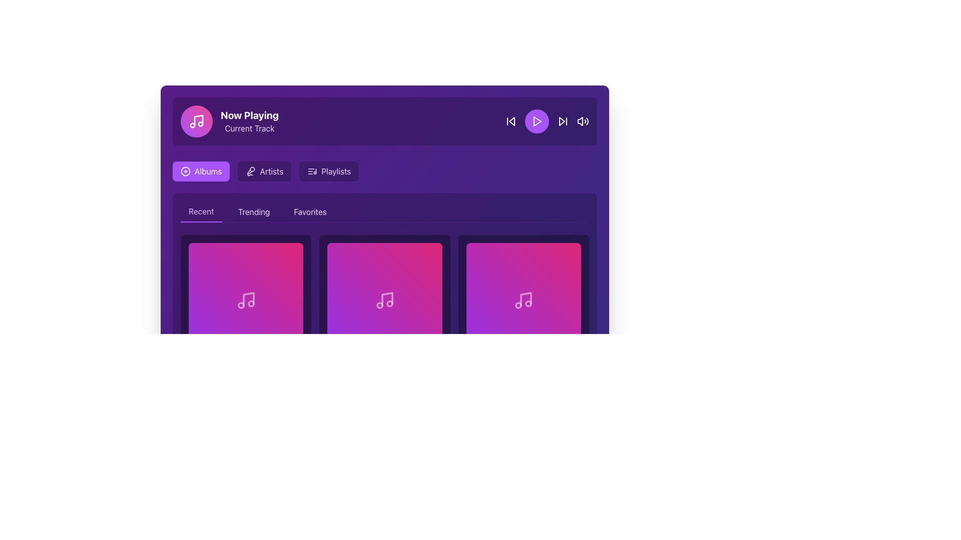 The height and width of the screenshot is (540, 961). I want to click on the rightmost SVG Circle Element representing a musical note icon located in the middle of the page, so click(528, 303).